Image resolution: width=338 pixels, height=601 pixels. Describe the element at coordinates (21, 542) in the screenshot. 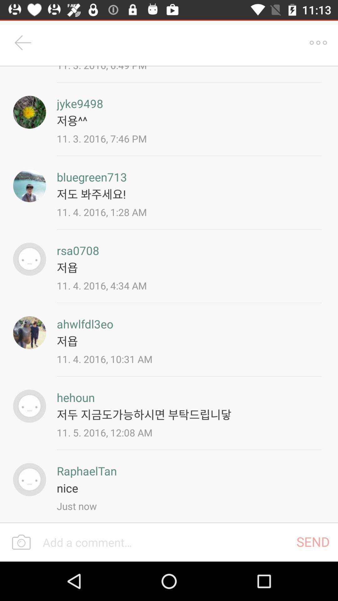

I see `option to open the camera` at that location.